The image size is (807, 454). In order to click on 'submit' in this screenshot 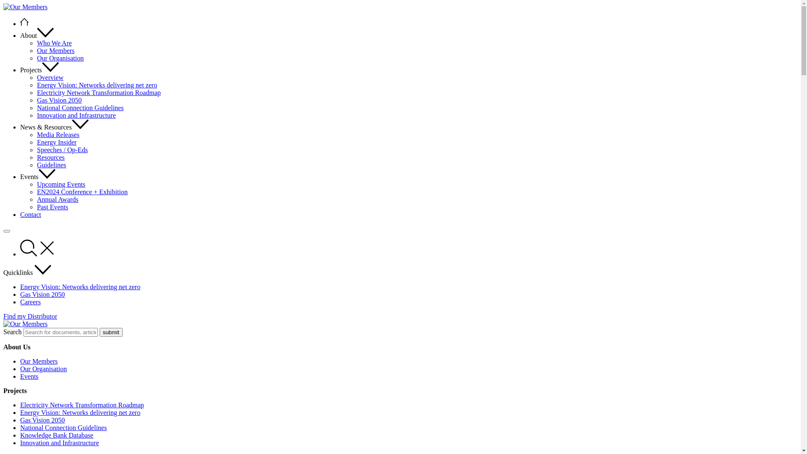, I will do `click(111, 332)`.